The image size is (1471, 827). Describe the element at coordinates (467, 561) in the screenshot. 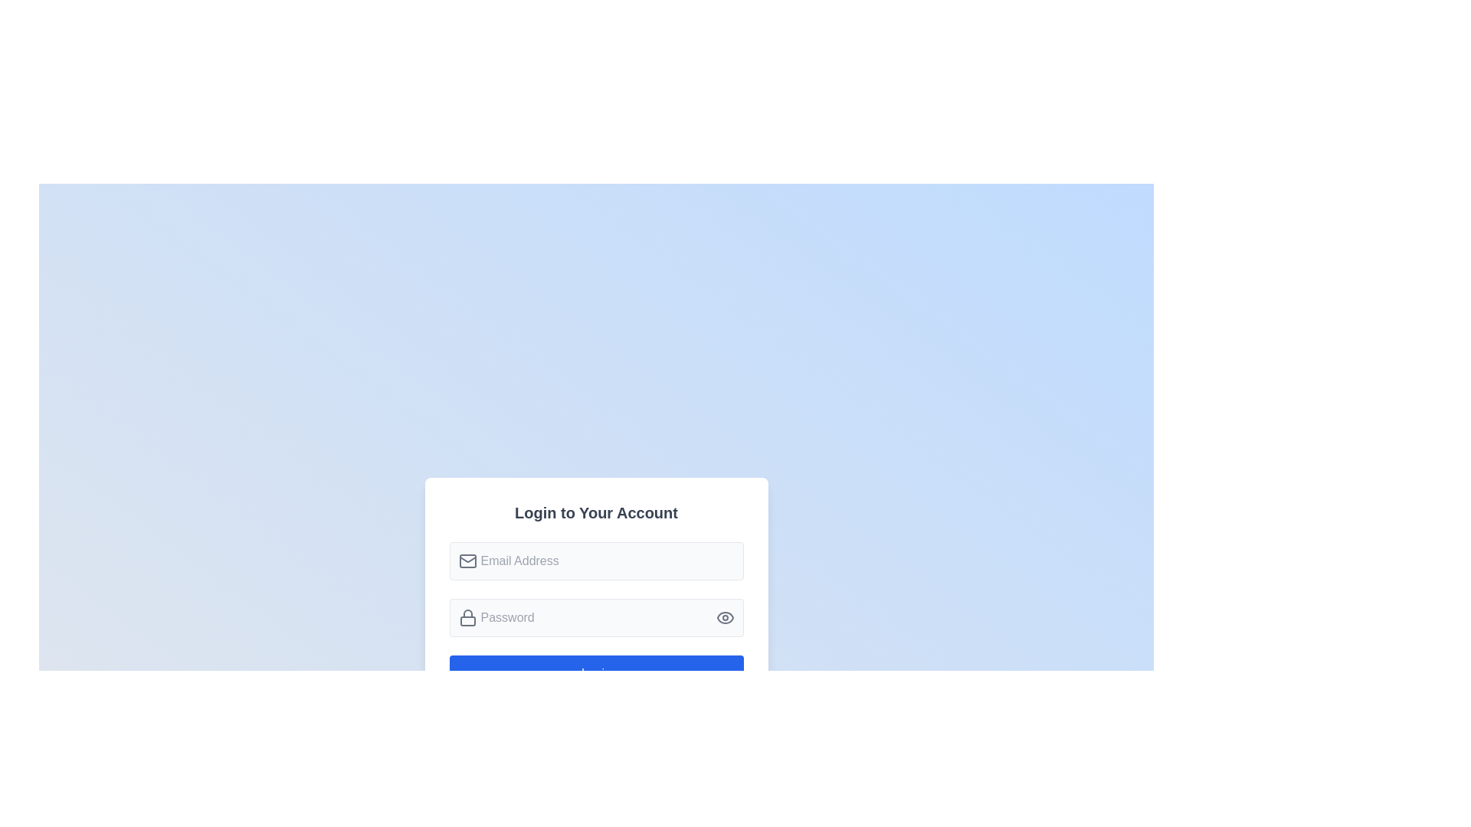

I see `the Icon graphic representing a mail or email symbol, which serves as a visual cue for the email input field` at that location.